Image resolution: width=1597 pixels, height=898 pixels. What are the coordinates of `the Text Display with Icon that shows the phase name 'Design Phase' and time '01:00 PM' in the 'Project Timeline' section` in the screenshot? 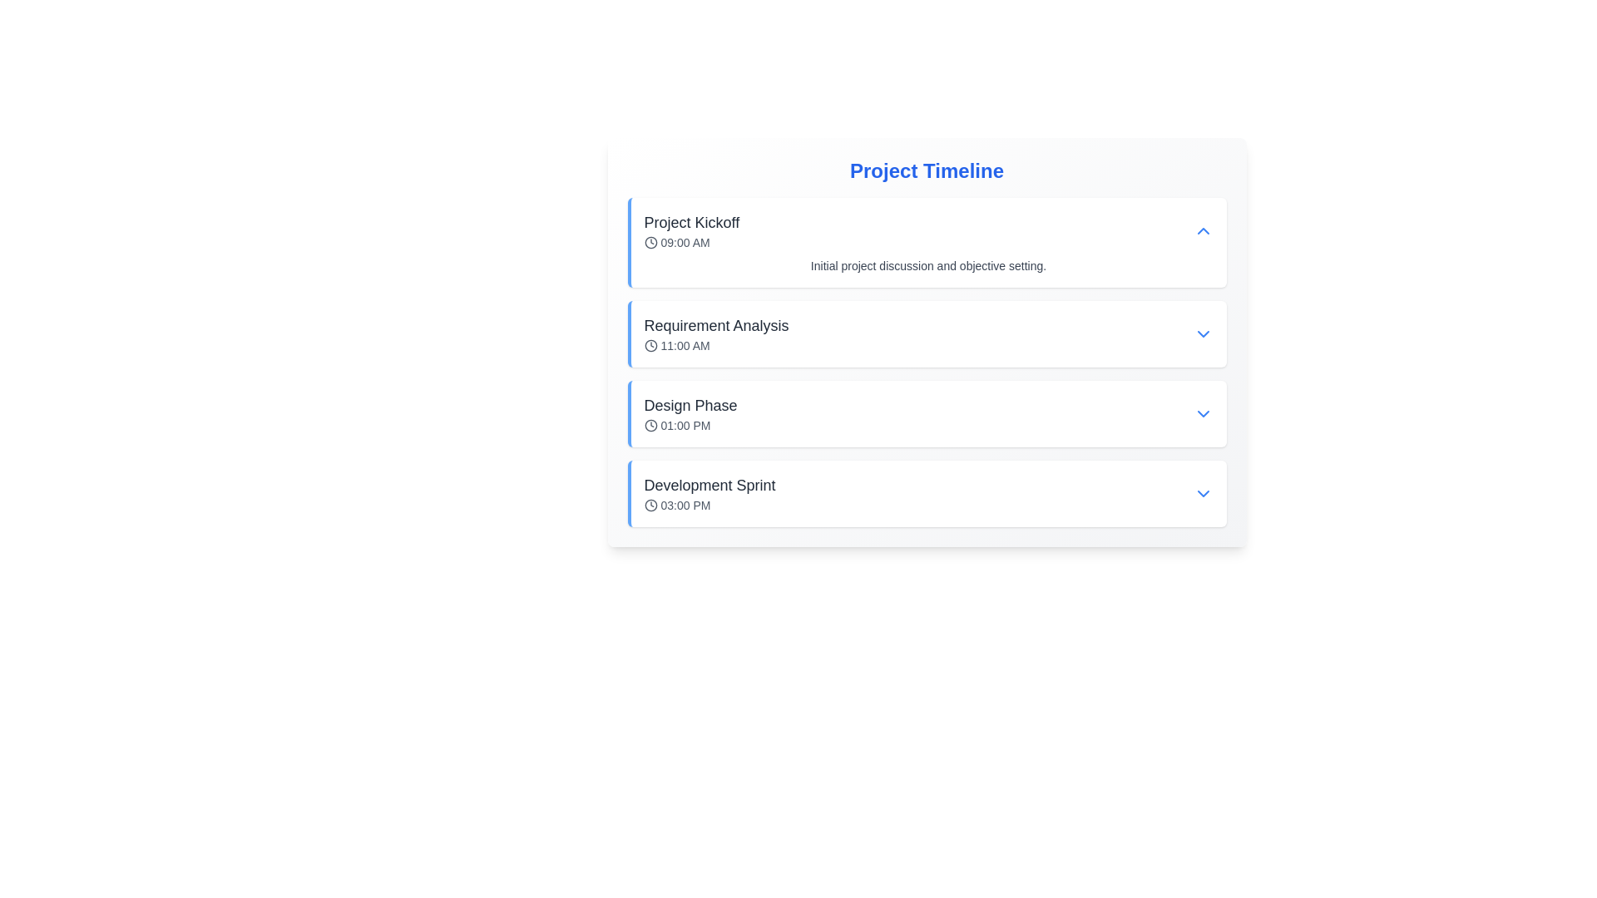 It's located at (690, 412).